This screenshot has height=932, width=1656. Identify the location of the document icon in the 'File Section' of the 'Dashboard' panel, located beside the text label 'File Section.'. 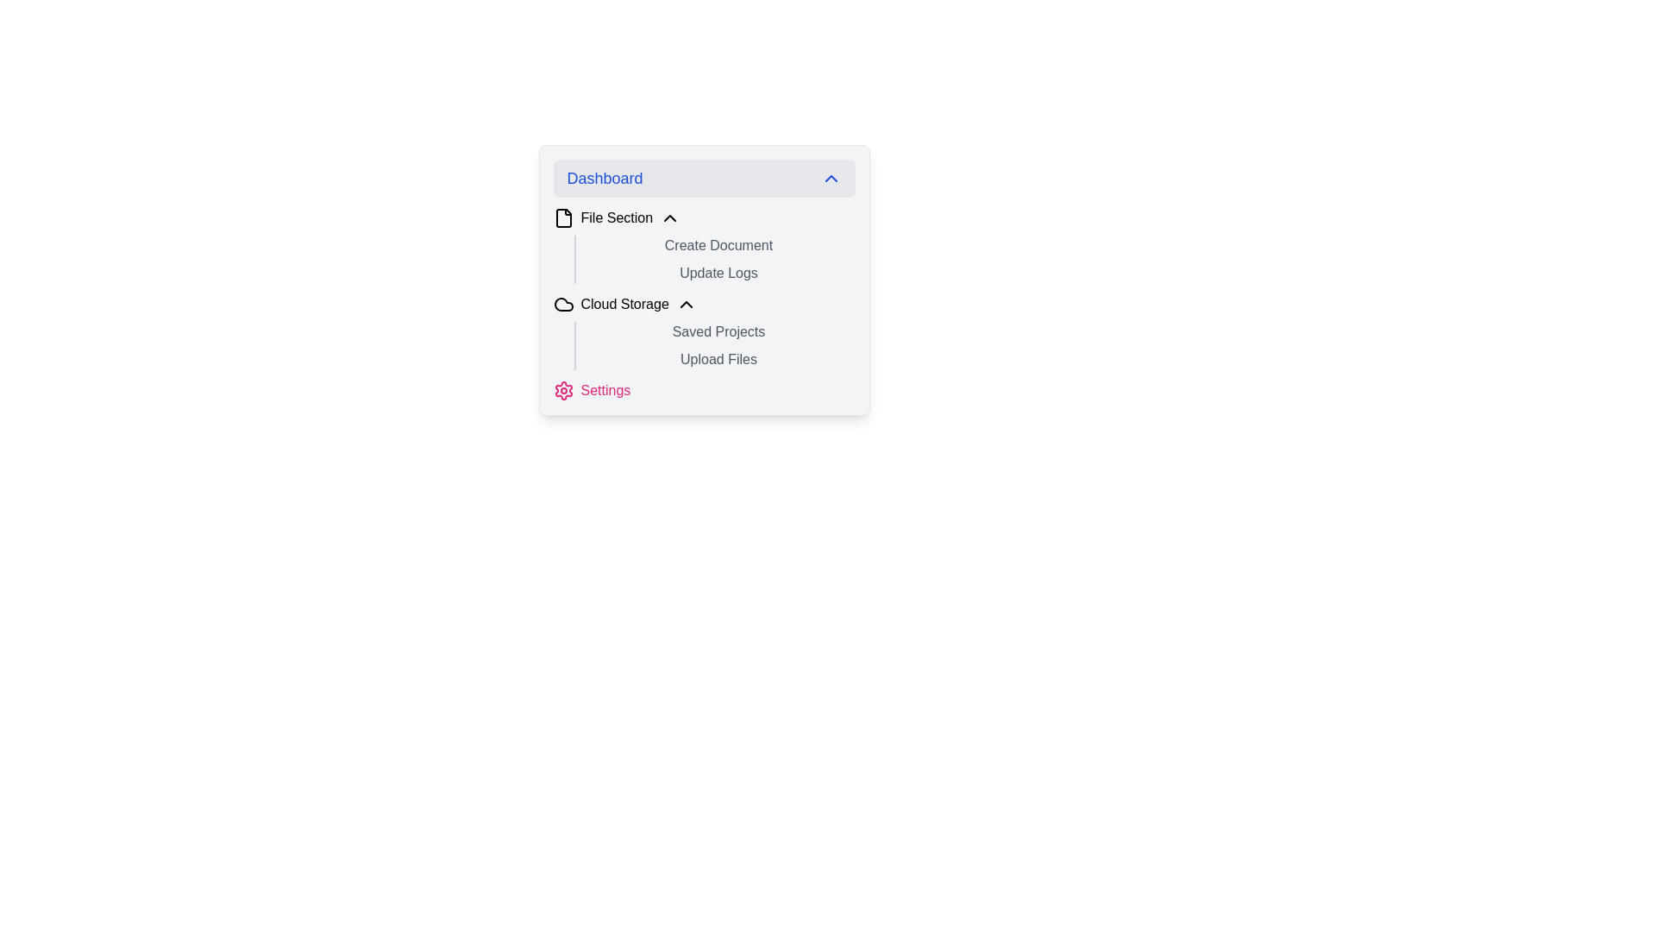
(563, 217).